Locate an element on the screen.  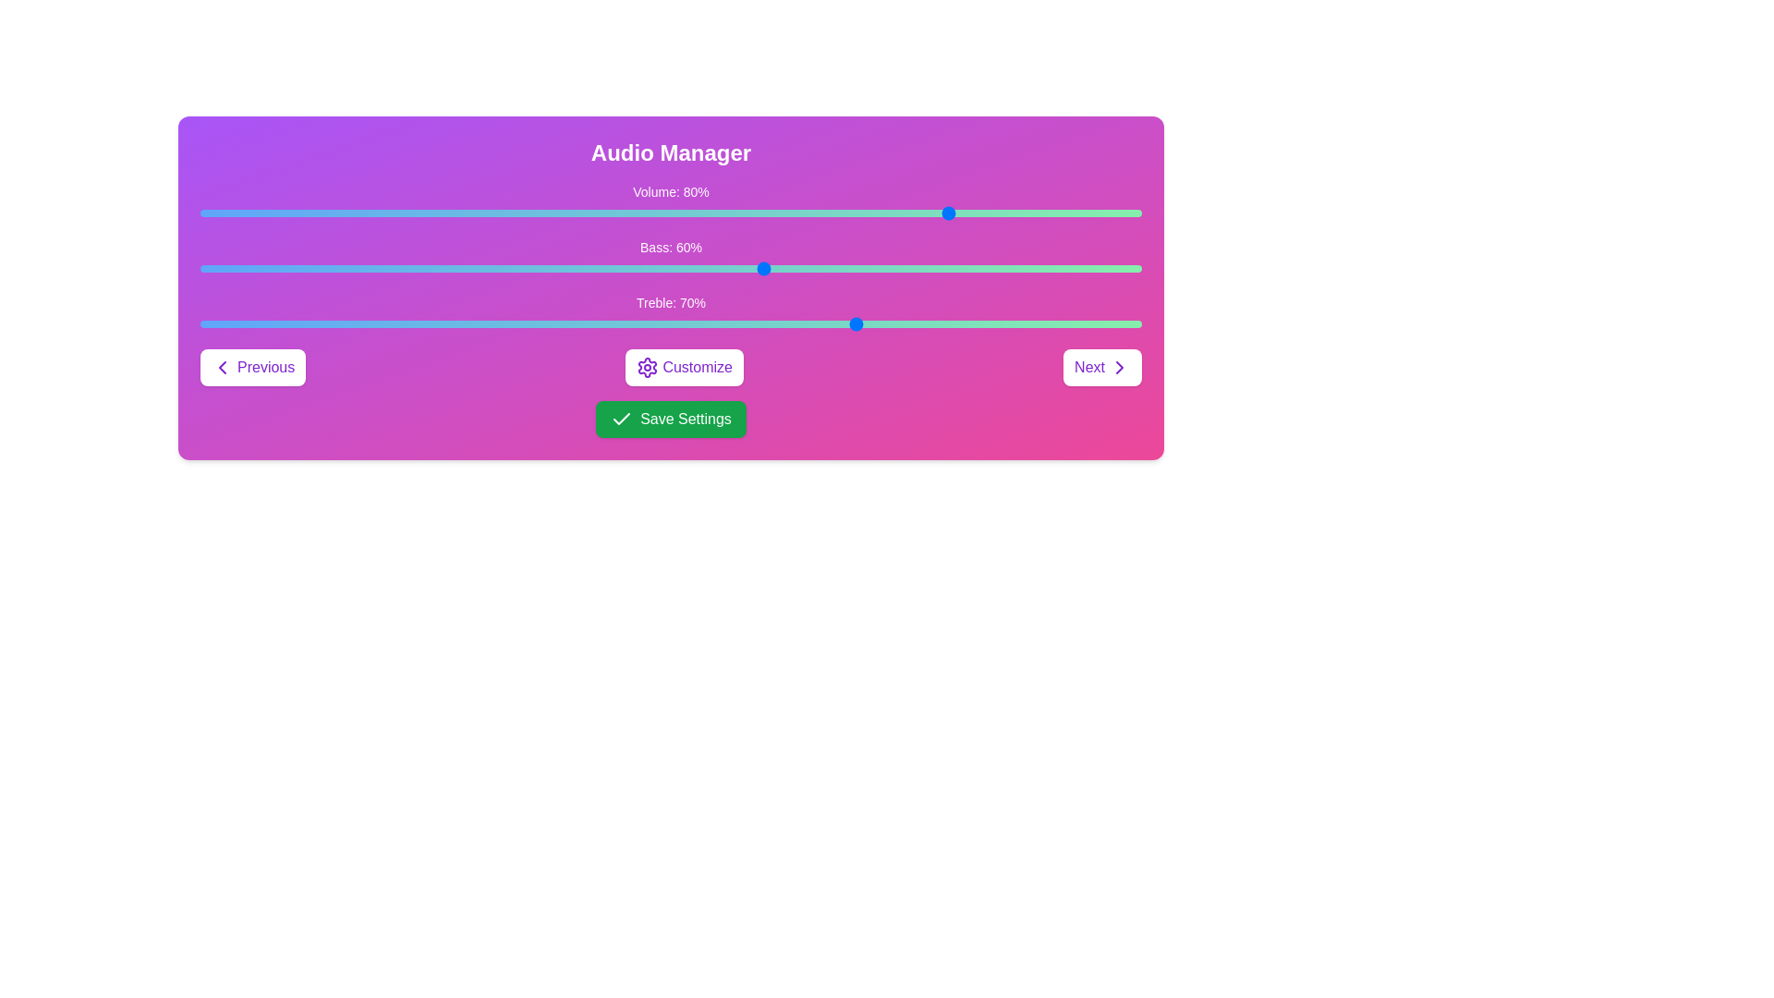
the slider is located at coordinates (473, 323).